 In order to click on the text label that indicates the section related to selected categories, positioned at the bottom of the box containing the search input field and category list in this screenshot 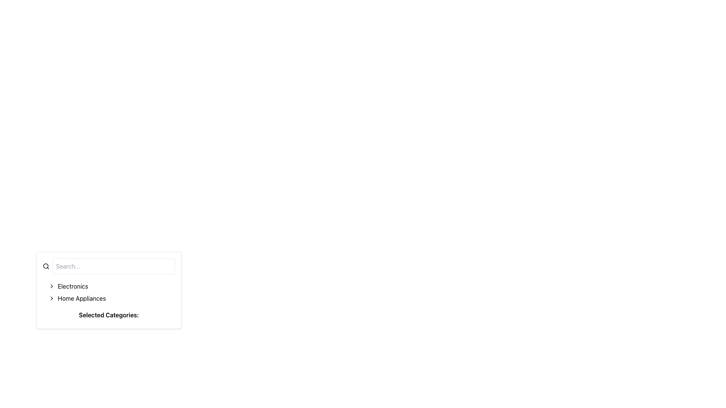, I will do `click(109, 316)`.